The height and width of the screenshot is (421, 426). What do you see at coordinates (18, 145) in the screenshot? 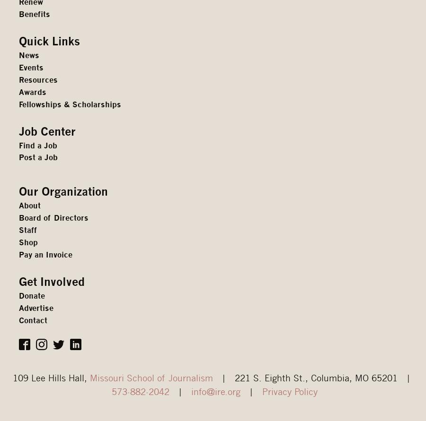
I see `'Find a Job'` at bounding box center [18, 145].